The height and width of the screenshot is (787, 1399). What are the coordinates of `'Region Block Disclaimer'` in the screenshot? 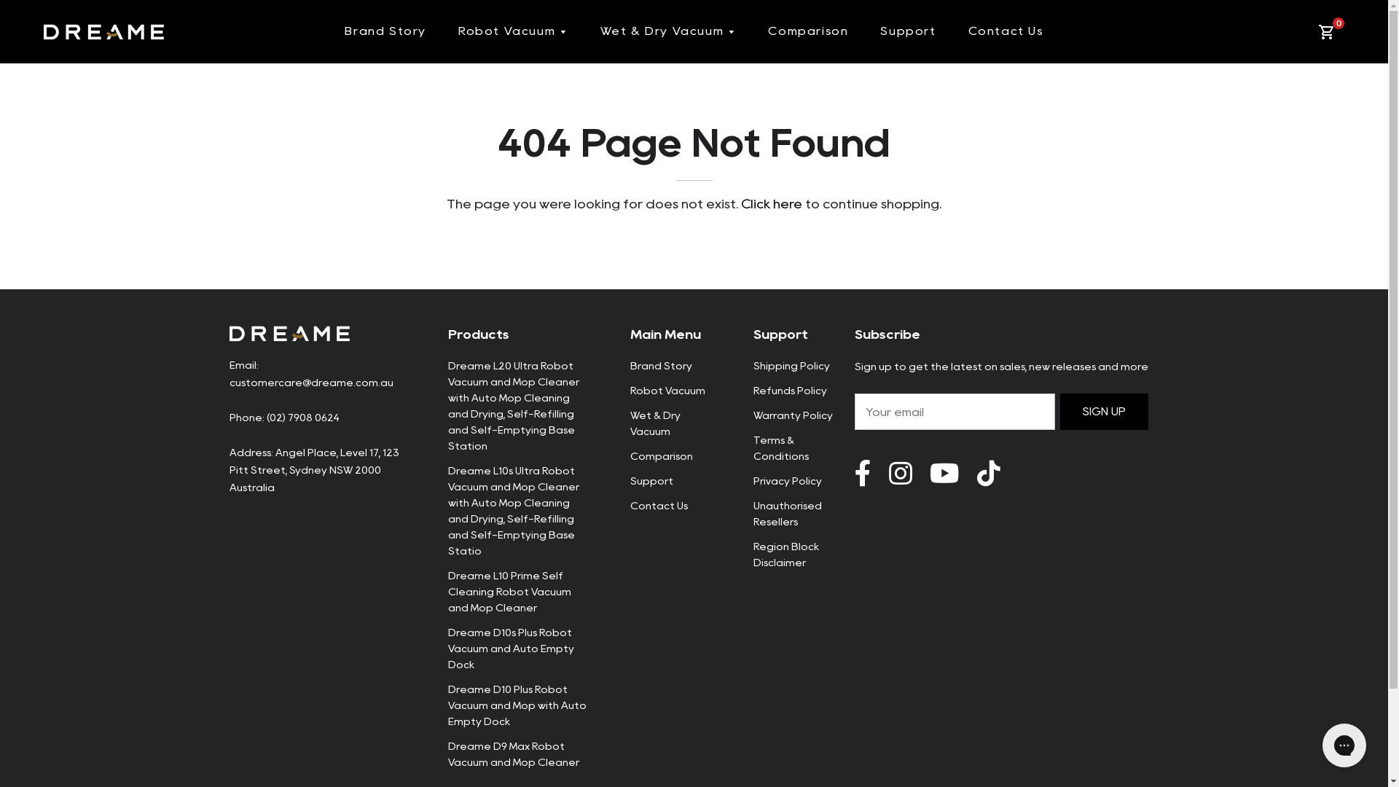 It's located at (785, 554).